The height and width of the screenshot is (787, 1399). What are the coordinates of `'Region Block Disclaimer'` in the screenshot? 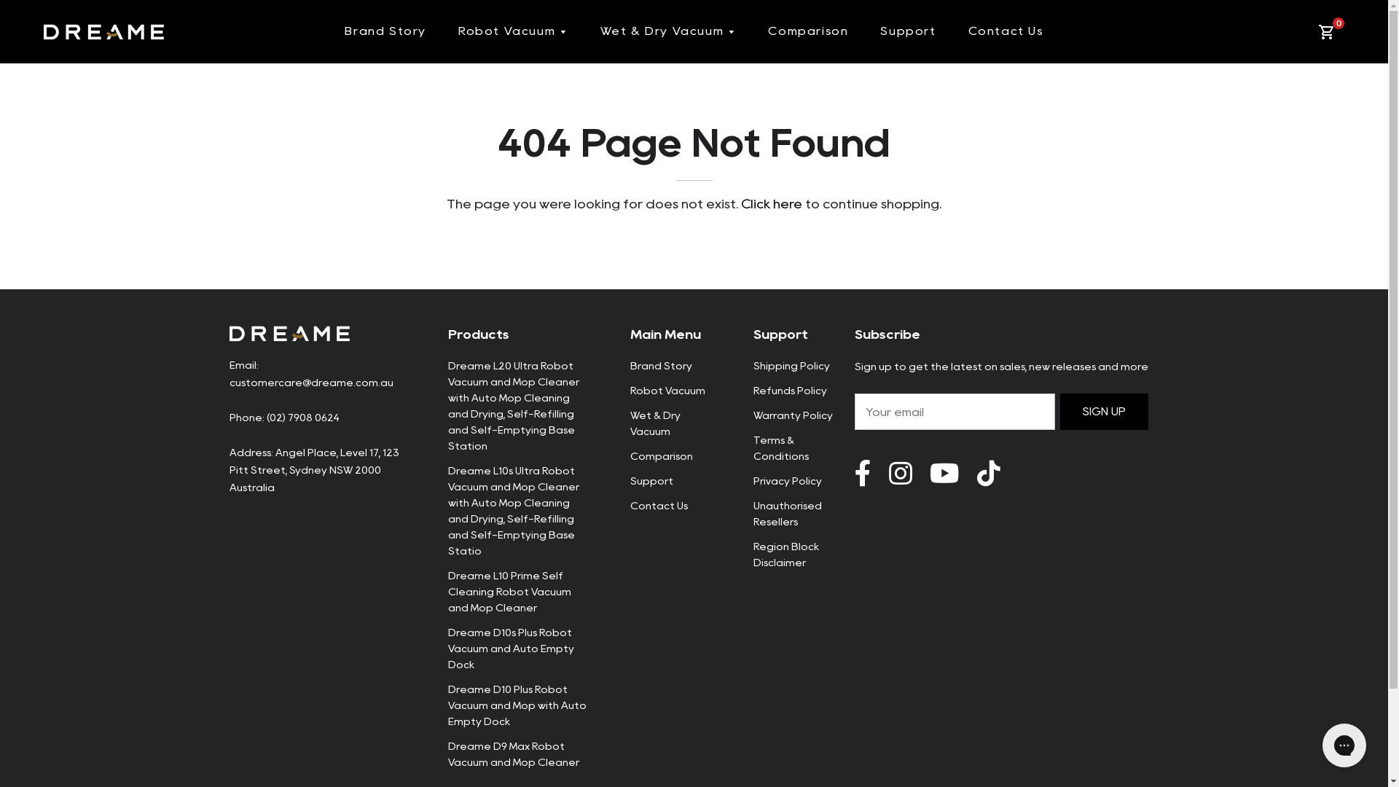 It's located at (785, 554).